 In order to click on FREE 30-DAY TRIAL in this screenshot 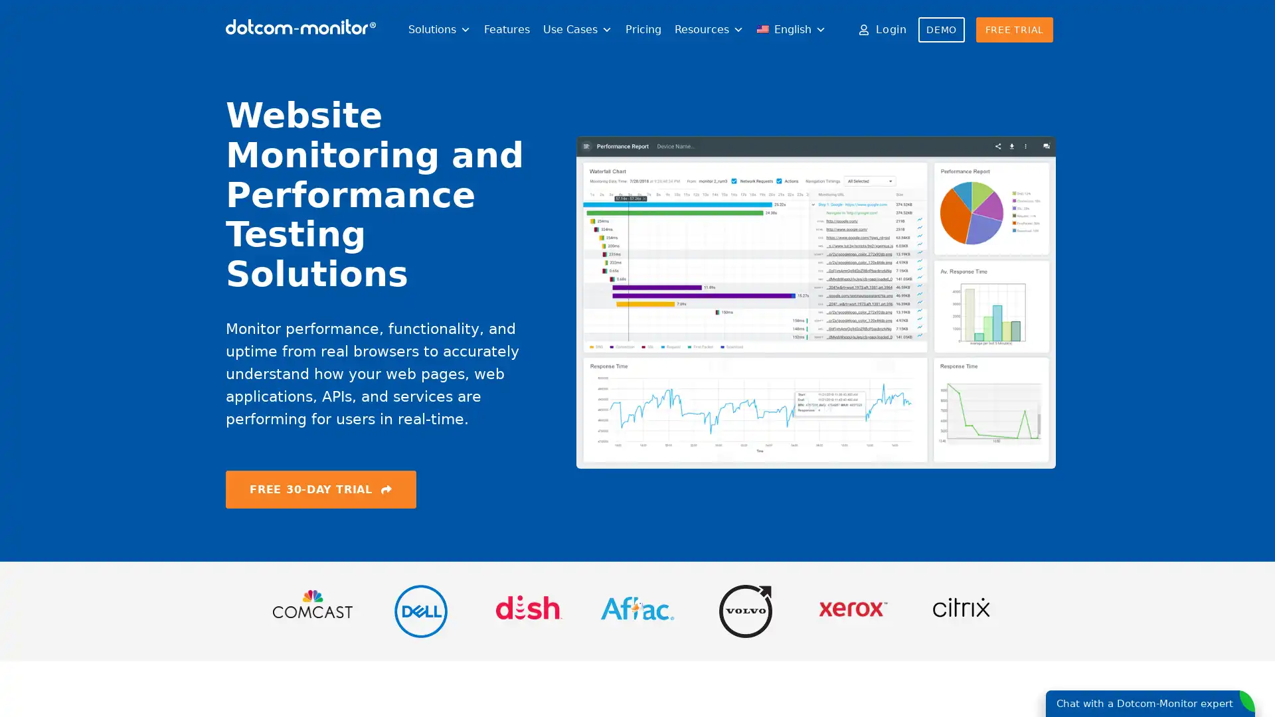, I will do `click(321, 489)`.